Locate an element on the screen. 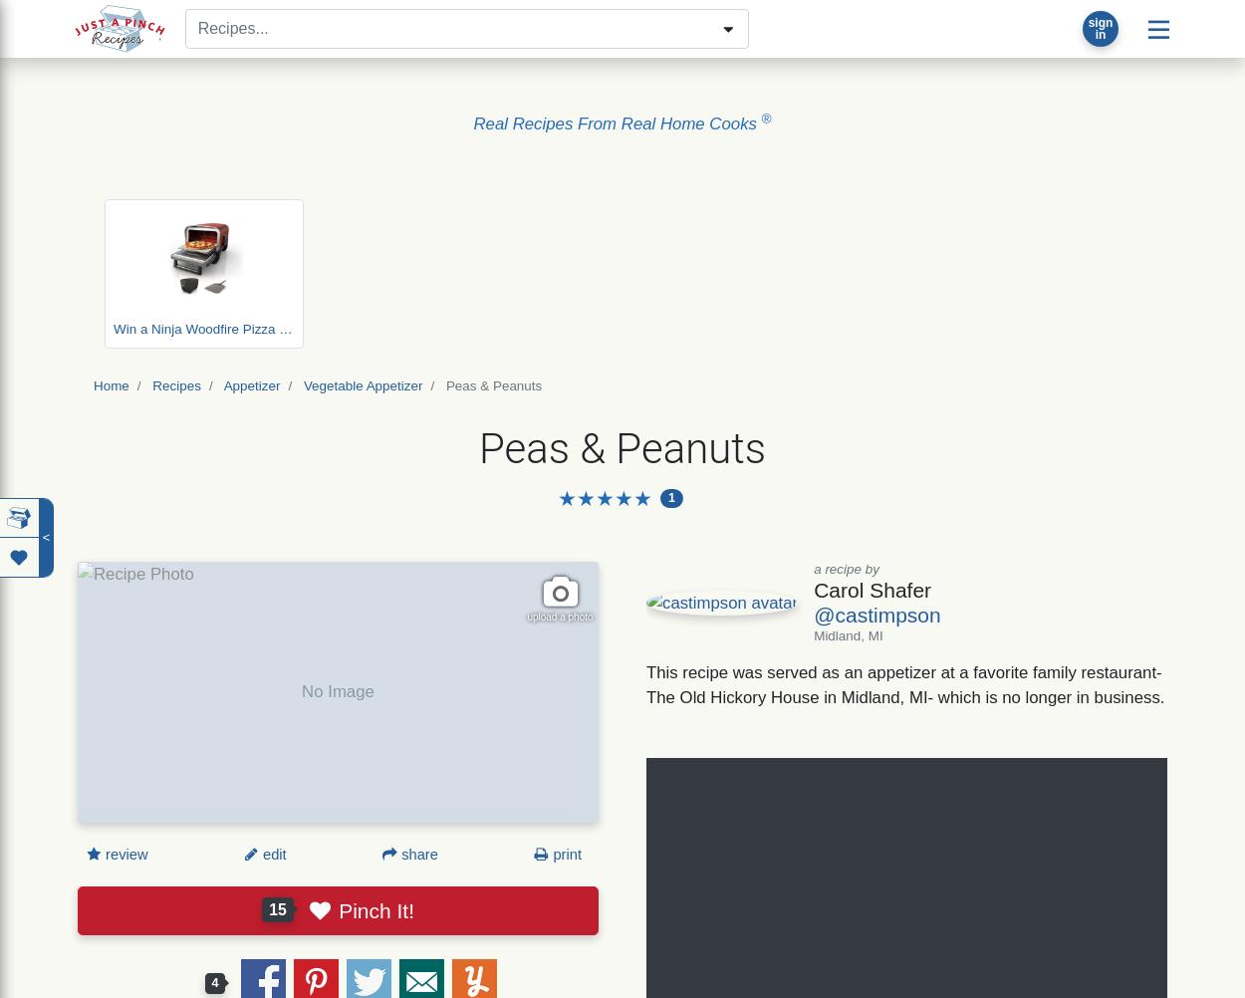 Image resolution: width=1245 pixels, height=998 pixels. 'Pinch It!' is located at coordinates (376, 909).